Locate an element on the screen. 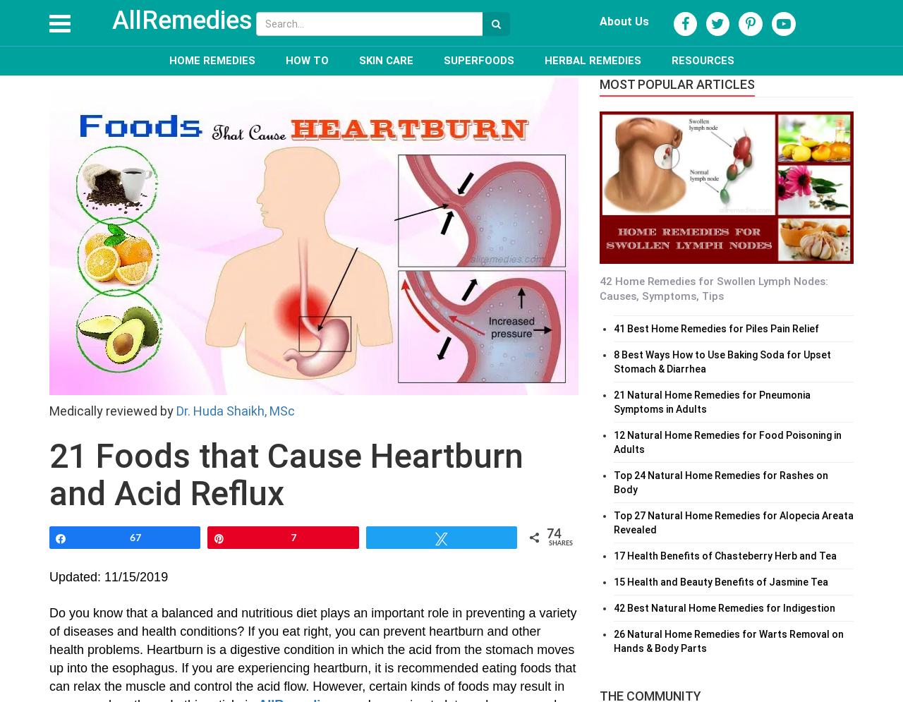 The height and width of the screenshot is (702, 903). '42 Best Natural Home Remedies for Indigestion' is located at coordinates (724, 607).